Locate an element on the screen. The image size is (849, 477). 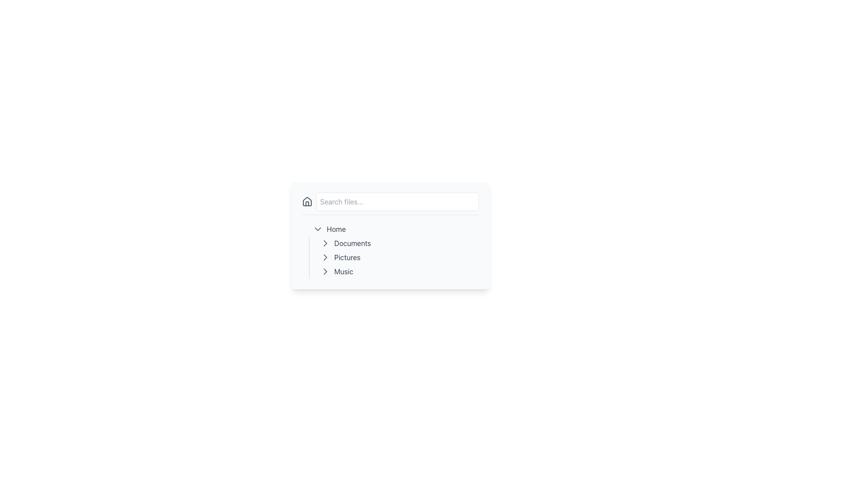
the static text label displaying 'Pictures', which is part of the file navigation component located beneath 'Documents' and above 'Music' is located at coordinates (347, 257).